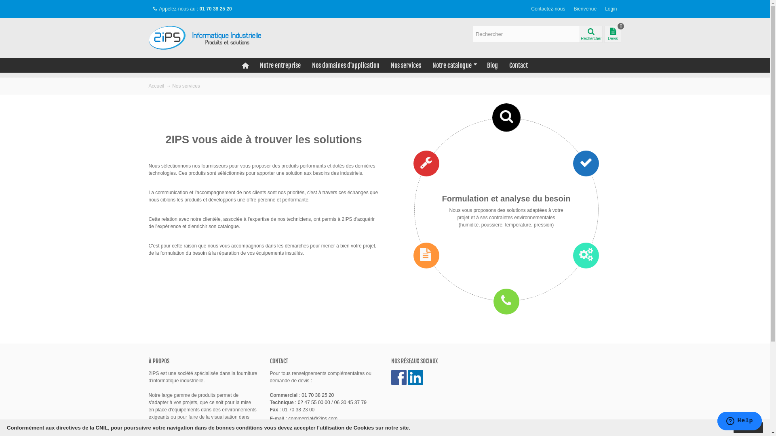 This screenshot has width=776, height=436. Describe the element at coordinates (346, 65) in the screenshot. I see `'Nos domaines d'application'` at that location.